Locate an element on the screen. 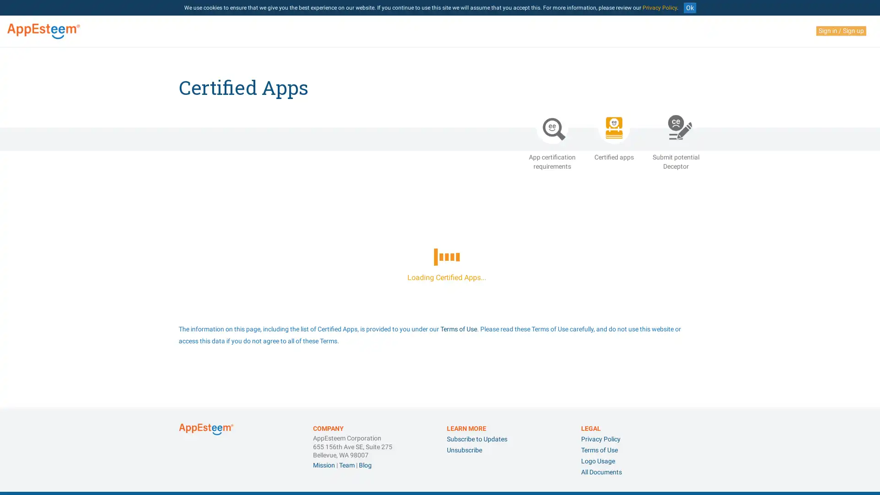 This screenshot has width=880, height=495. 1 is located at coordinates (664, 457).